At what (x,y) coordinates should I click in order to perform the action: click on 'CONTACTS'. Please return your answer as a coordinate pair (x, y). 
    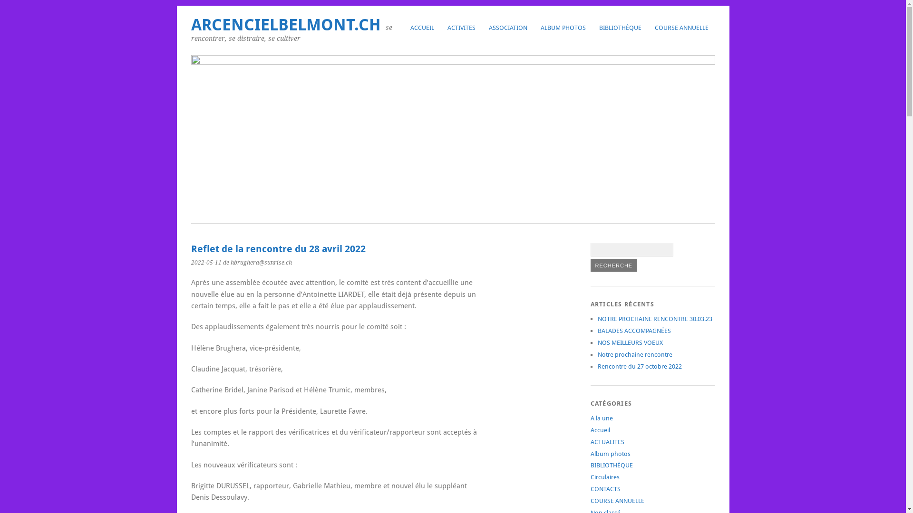
    Looking at the image, I should click on (605, 489).